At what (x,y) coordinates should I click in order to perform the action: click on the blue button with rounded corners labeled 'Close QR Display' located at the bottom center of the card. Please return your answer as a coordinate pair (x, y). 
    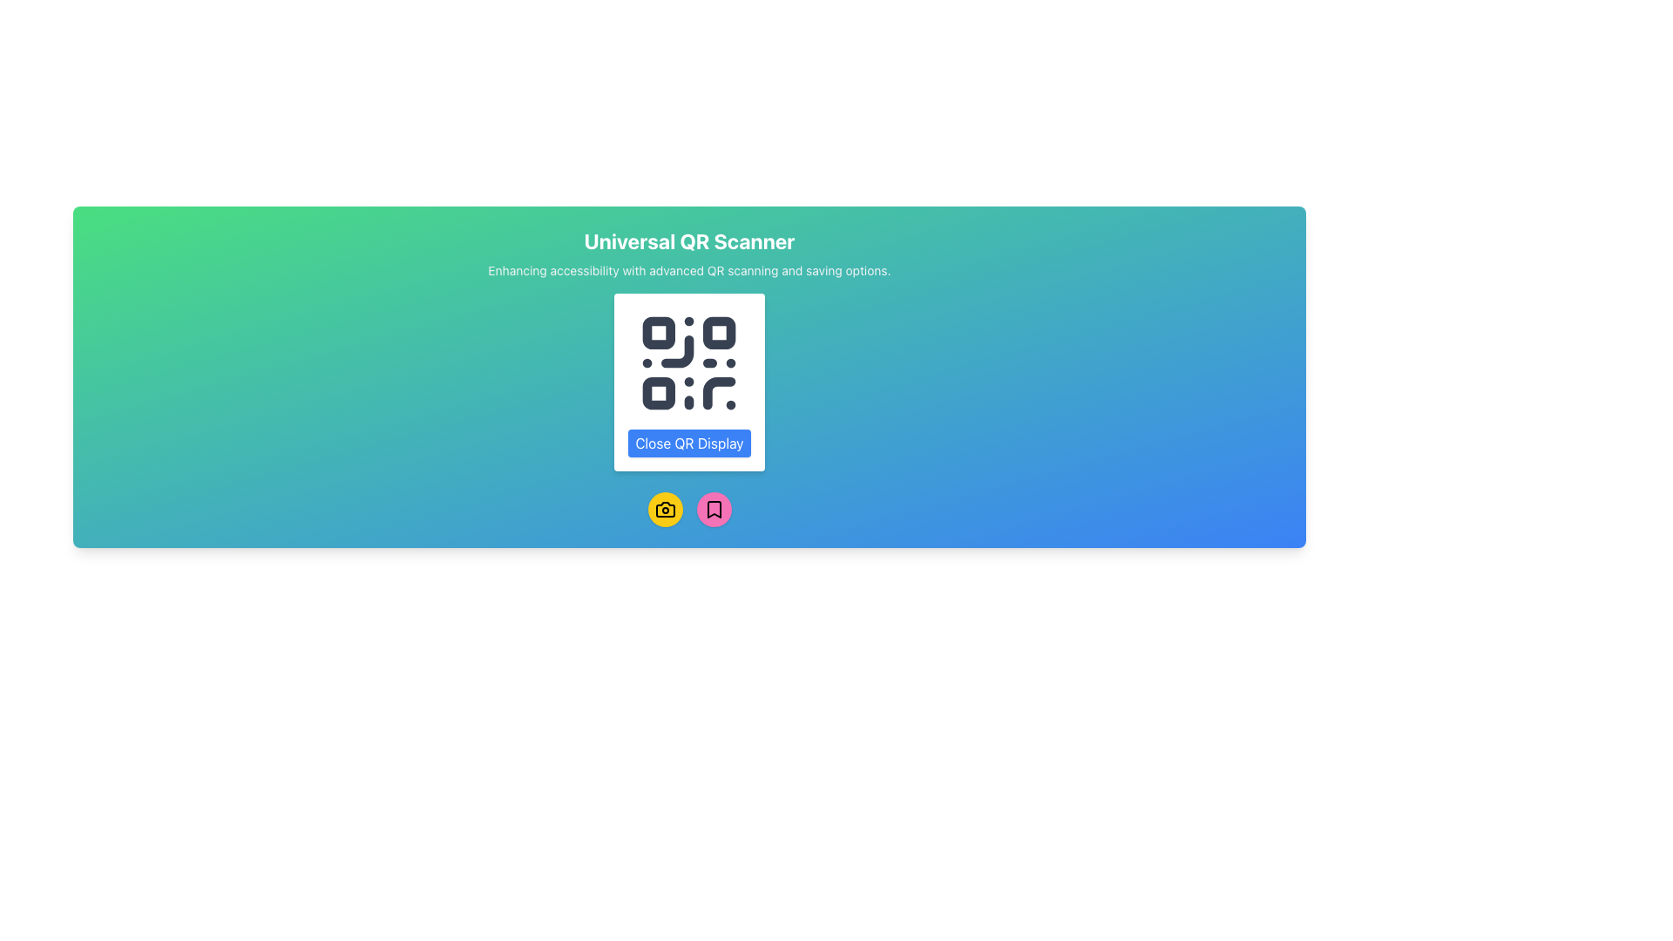
    Looking at the image, I should click on (688, 443).